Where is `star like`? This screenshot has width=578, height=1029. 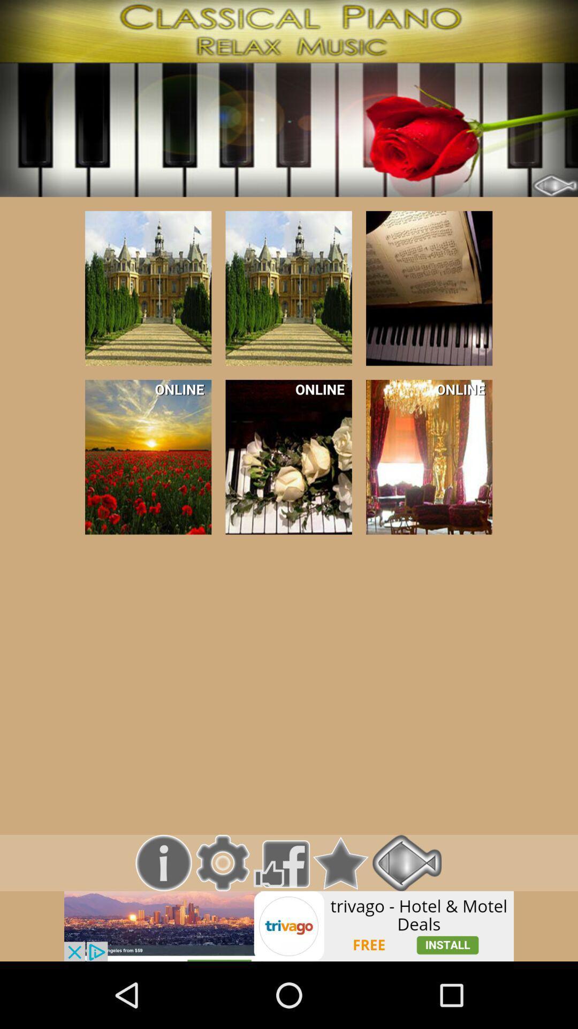 star like is located at coordinates (340, 863).